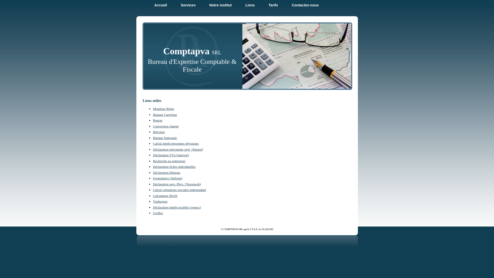 The width and height of the screenshot is (494, 278). Describe the element at coordinates (157, 213) in the screenshot. I see `'Greffes'` at that location.